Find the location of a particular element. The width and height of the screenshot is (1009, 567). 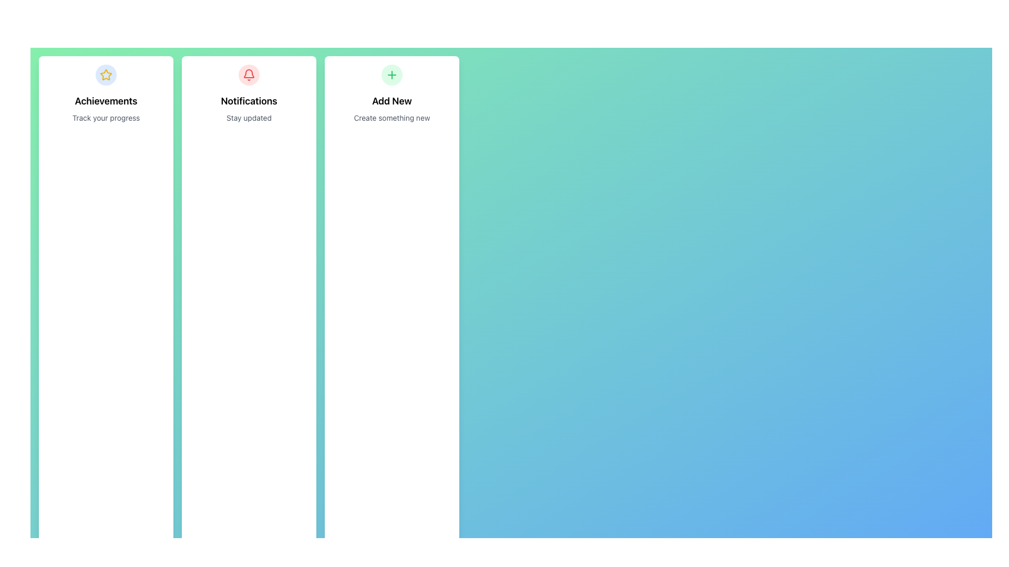

text of the heading element positioned at the top-middle of the first card on the left, which serves as the title for achievements tracking is located at coordinates (106, 101).